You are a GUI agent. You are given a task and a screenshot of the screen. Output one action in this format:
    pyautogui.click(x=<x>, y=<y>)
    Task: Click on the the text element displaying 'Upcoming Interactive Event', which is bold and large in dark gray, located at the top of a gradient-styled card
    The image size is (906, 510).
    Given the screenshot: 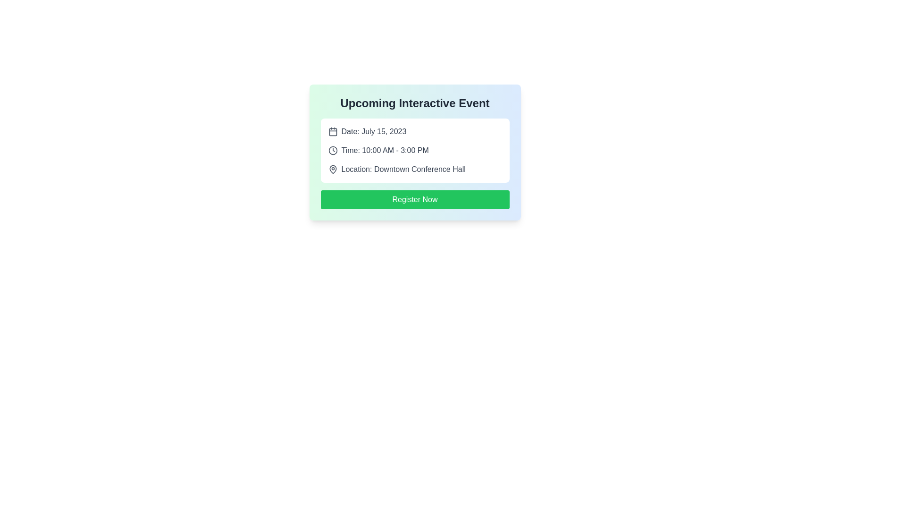 What is the action you would take?
    pyautogui.click(x=415, y=103)
    